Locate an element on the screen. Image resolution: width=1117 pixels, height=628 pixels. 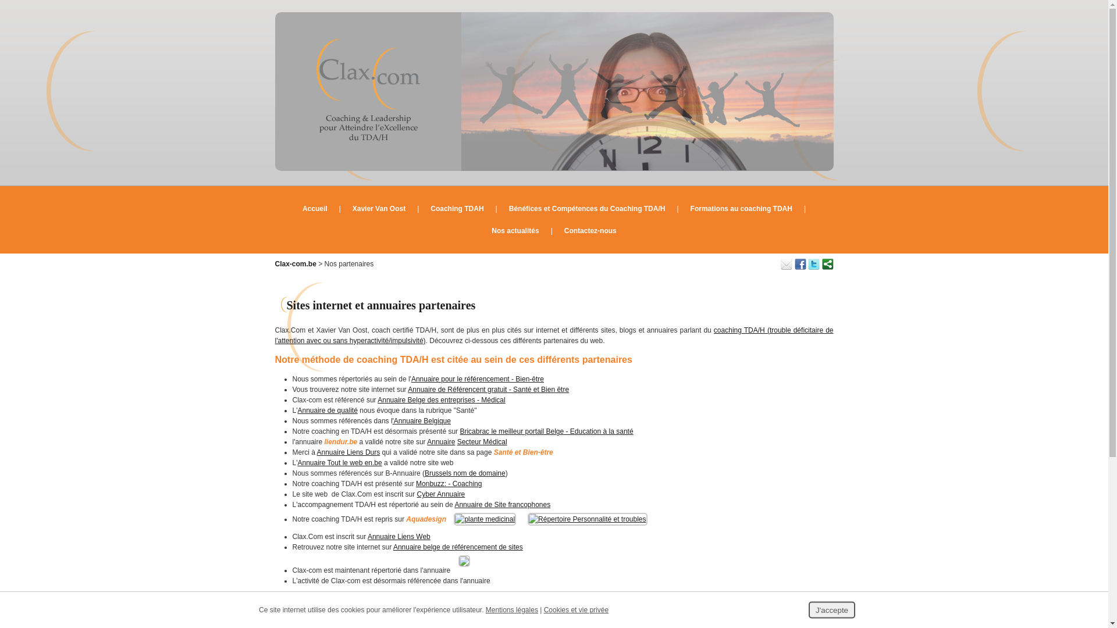
'Xavier Van Oost' is located at coordinates (379, 208).